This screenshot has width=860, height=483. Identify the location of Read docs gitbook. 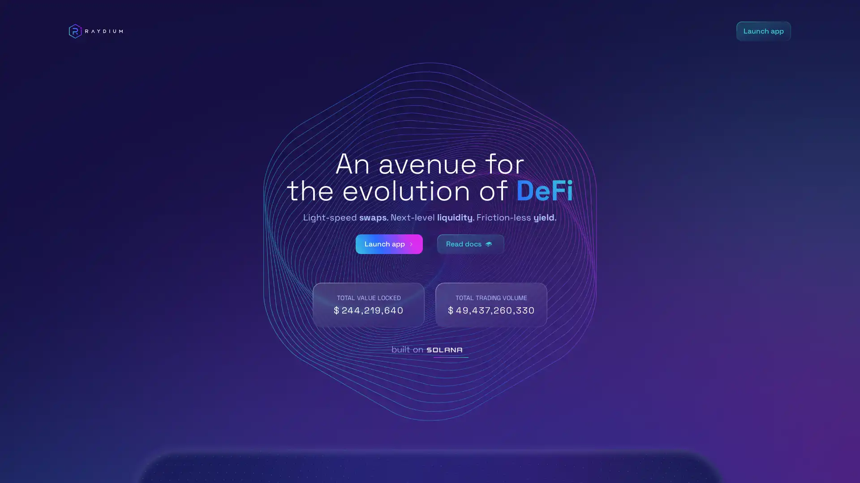
(470, 244).